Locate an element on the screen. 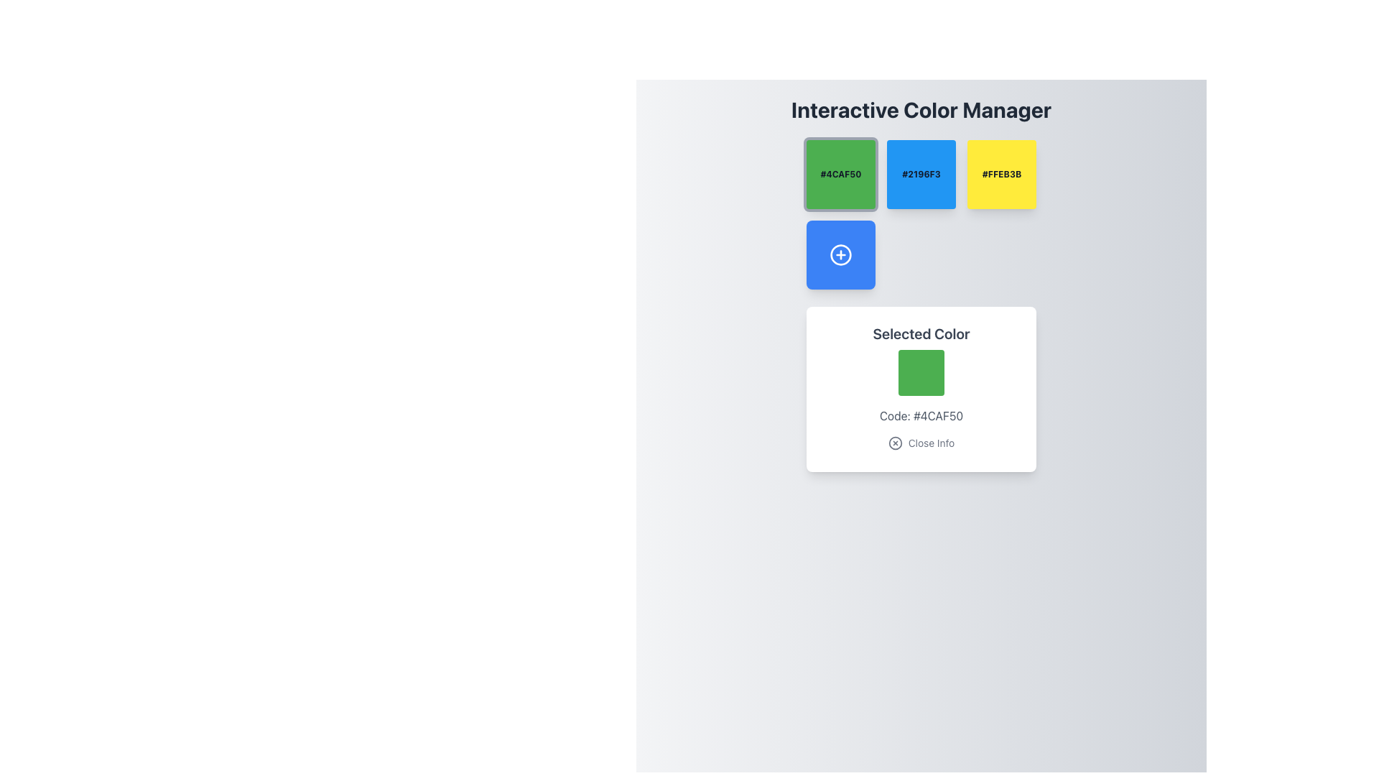 The width and height of the screenshot is (1379, 776). the circular icon with an 'X' symbol inside it, which is located next to the text 'Close Info' in the 'Selected Color' section is located at coordinates (894, 443).